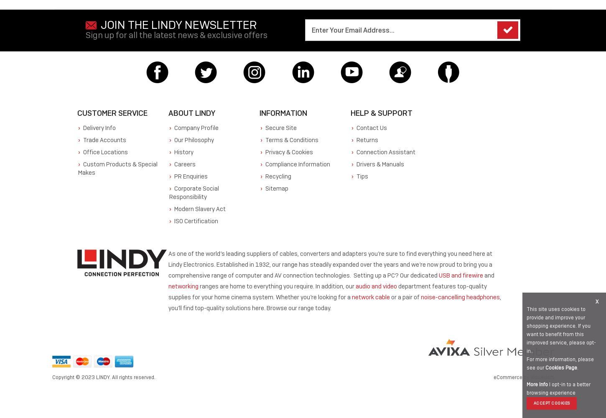  What do you see at coordinates (533, 403) in the screenshot?
I see `'Accept Cookies'` at bounding box center [533, 403].